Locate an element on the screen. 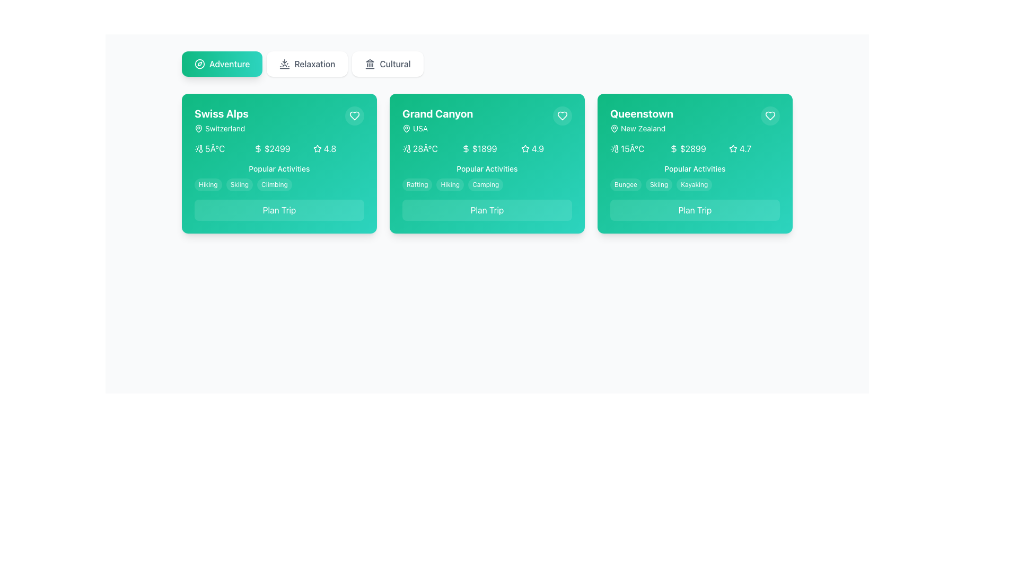 This screenshot has width=1018, height=572. the circular button with a white heart icon located is located at coordinates (770, 116).